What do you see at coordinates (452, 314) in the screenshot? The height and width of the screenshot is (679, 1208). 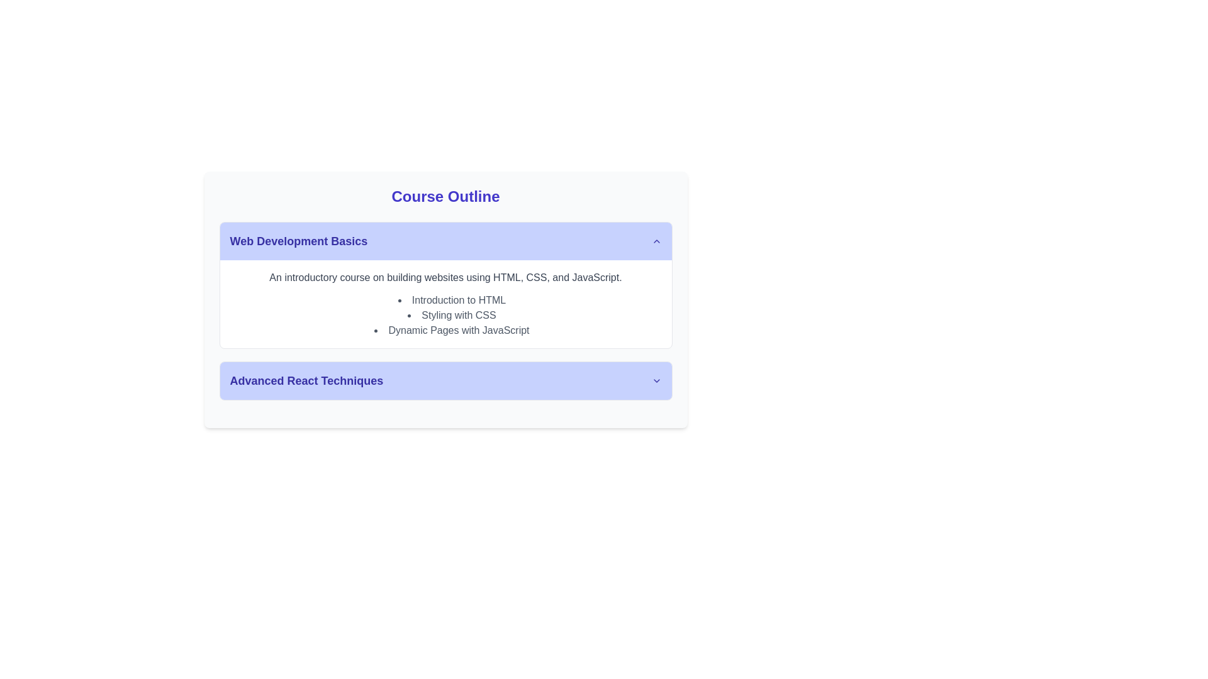 I see `the second bullet point in the list under 'Web Development Basics'` at bounding box center [452, 314].